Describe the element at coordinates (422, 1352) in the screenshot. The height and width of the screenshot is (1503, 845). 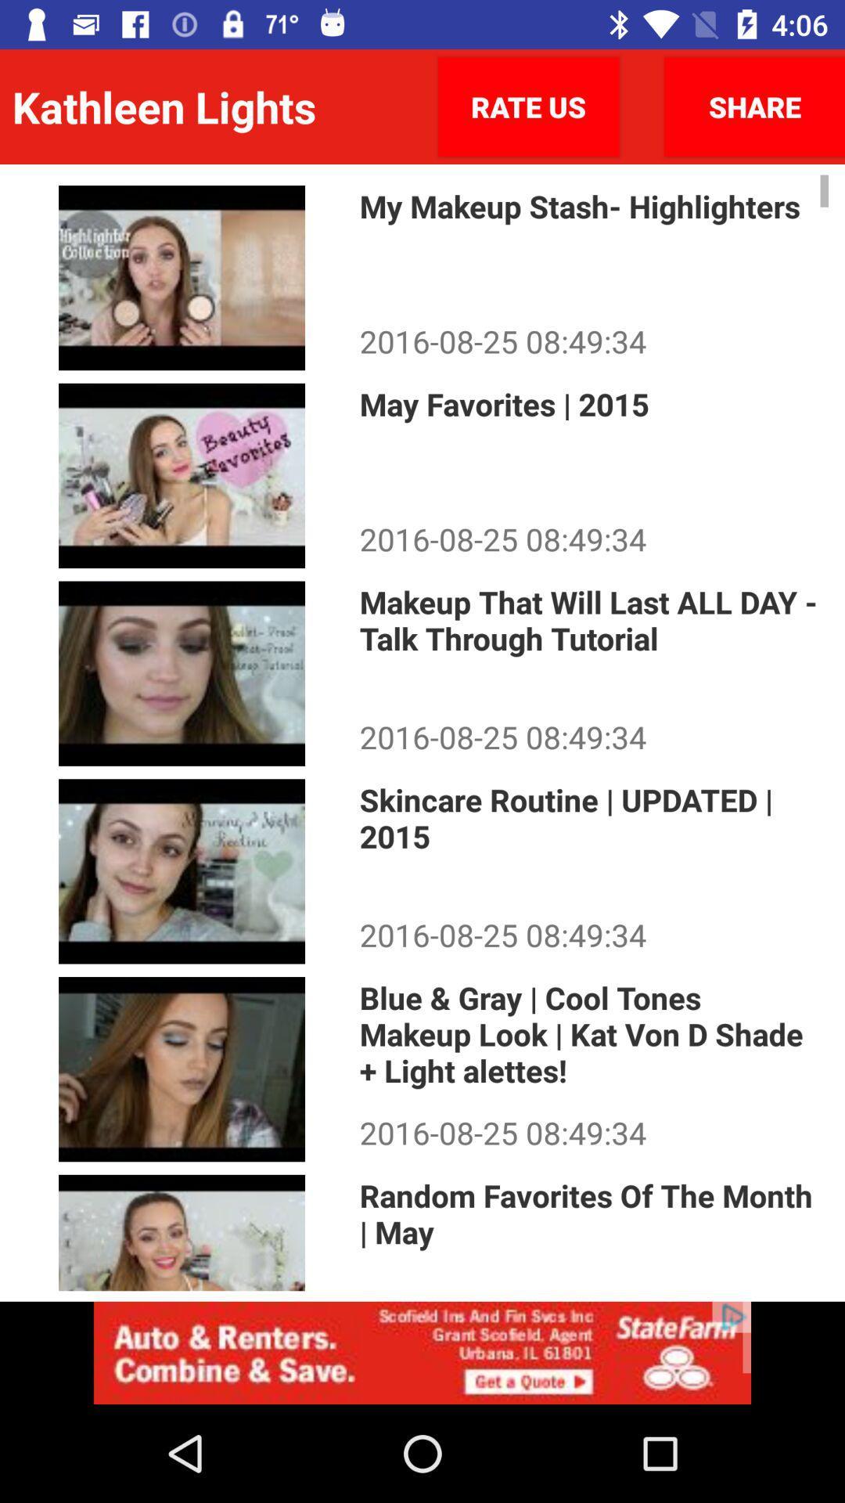
I see `view advertisements options` at that location.